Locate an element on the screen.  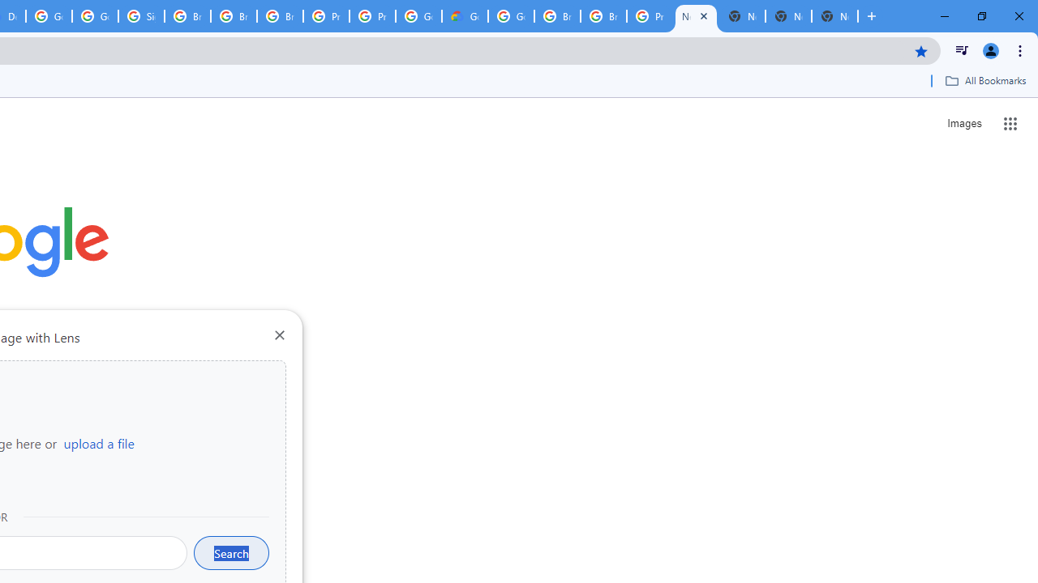
'Search for Images ' is located at coordinates (964, 123).